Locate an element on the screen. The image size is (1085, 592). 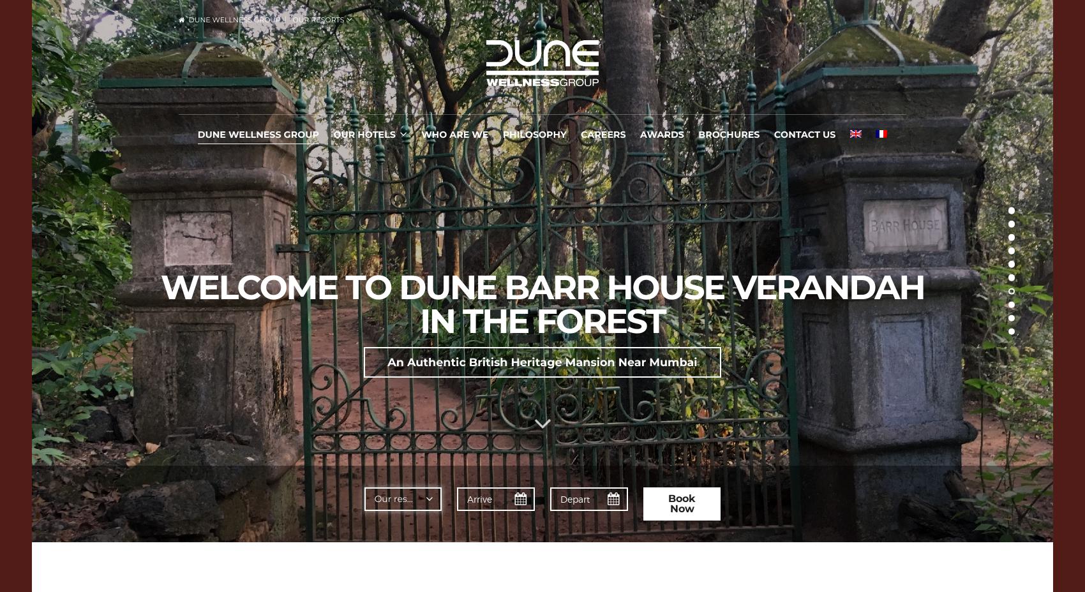
'Come to practice Yoga, diving and hiking in real Bali' is located at coordinates (541, 407).